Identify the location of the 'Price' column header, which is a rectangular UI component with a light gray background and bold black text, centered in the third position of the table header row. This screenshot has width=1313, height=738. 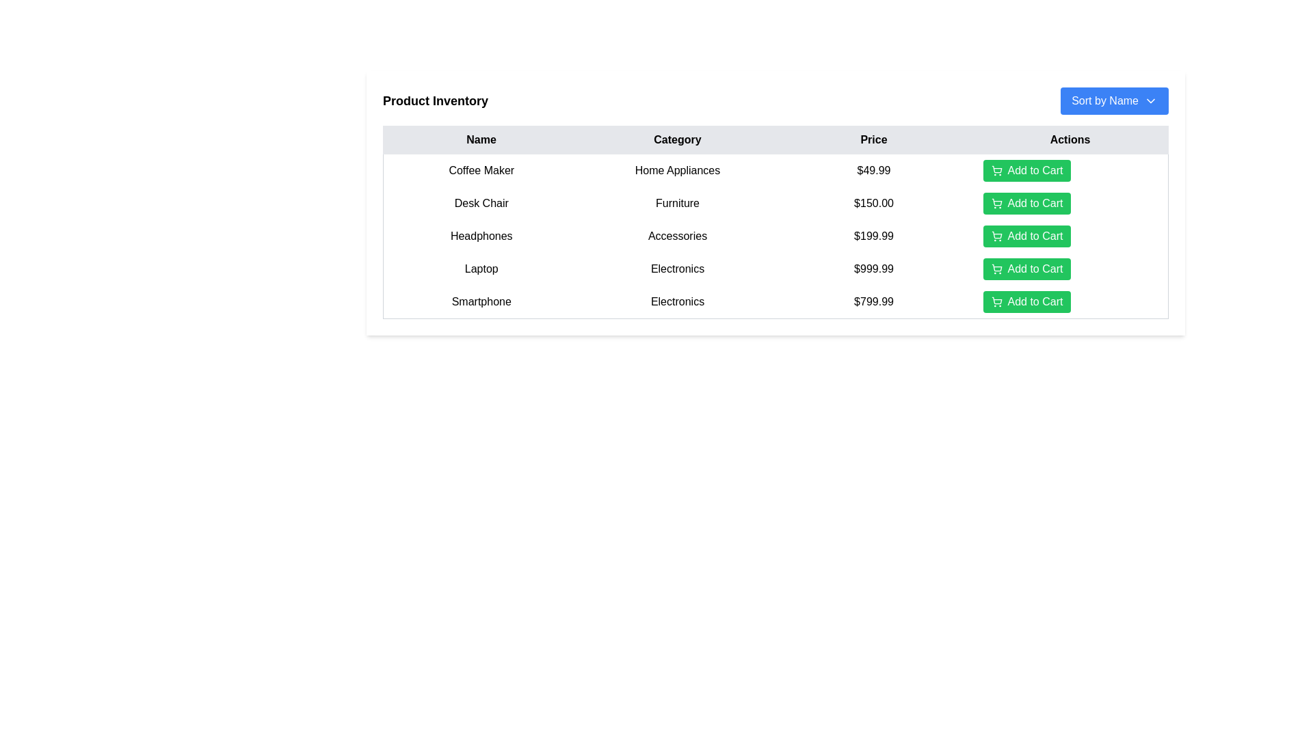
(873, 139).